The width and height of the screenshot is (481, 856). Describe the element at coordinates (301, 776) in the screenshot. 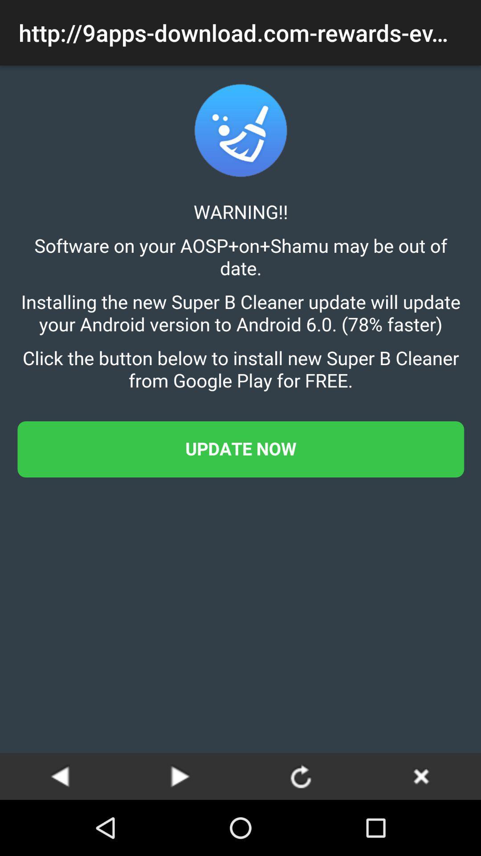

I see `rotate option` at that location.